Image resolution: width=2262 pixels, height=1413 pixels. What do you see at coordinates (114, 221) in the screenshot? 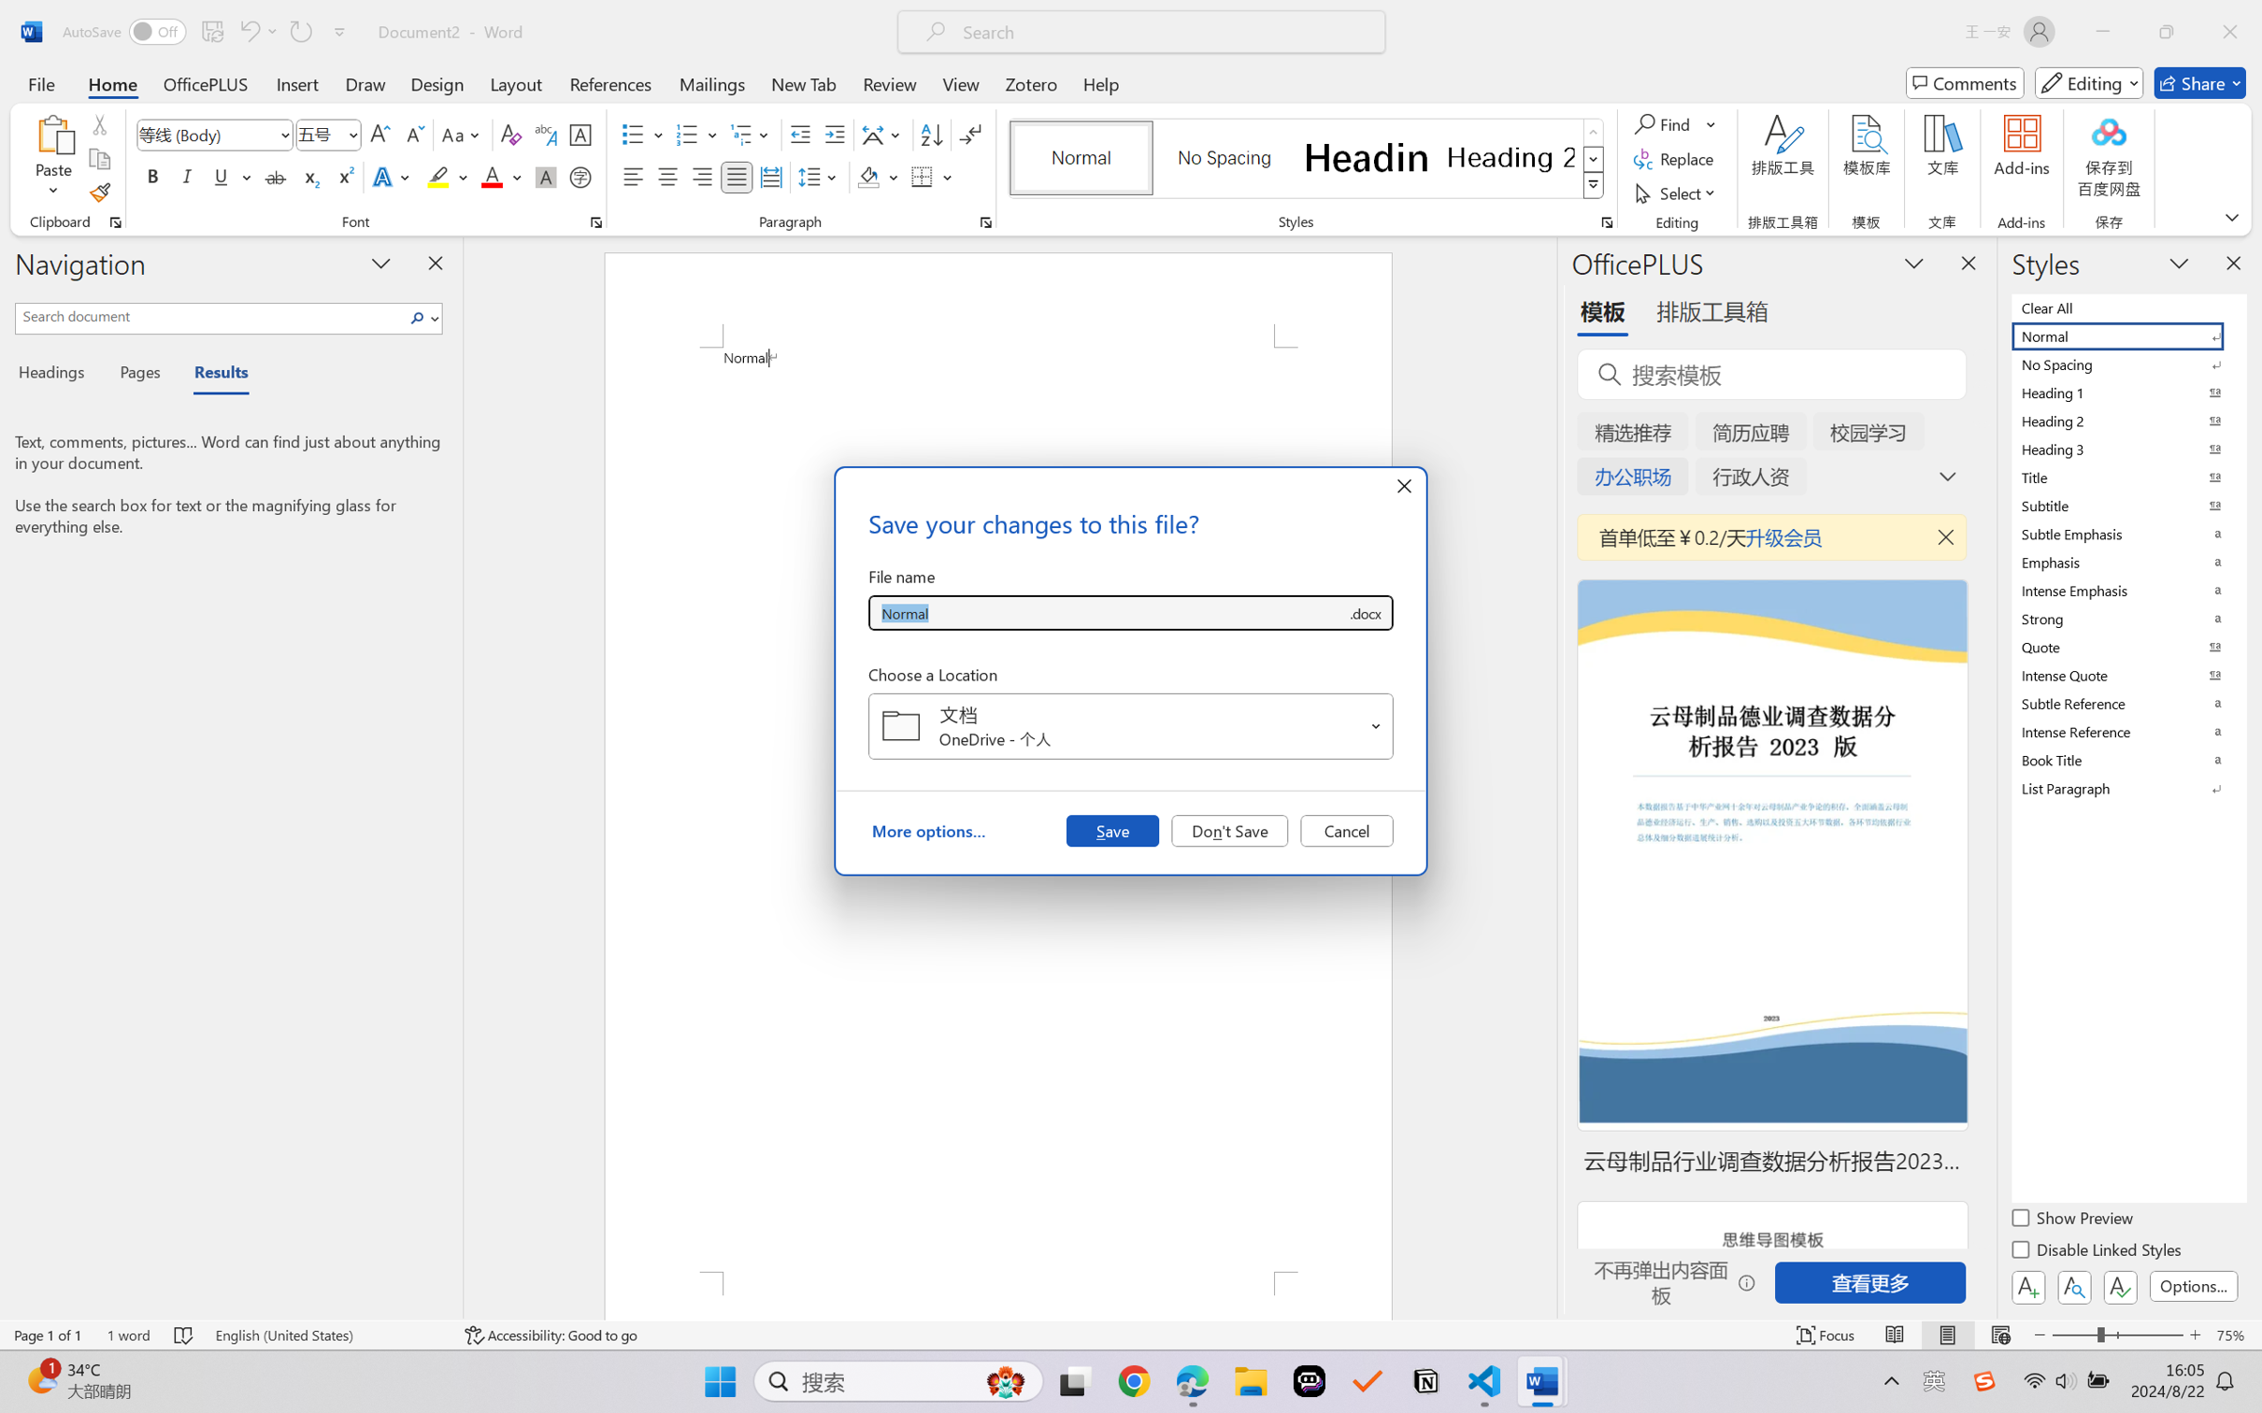
I see `'Office Clipboard...'` at bounding box center [114, 221].